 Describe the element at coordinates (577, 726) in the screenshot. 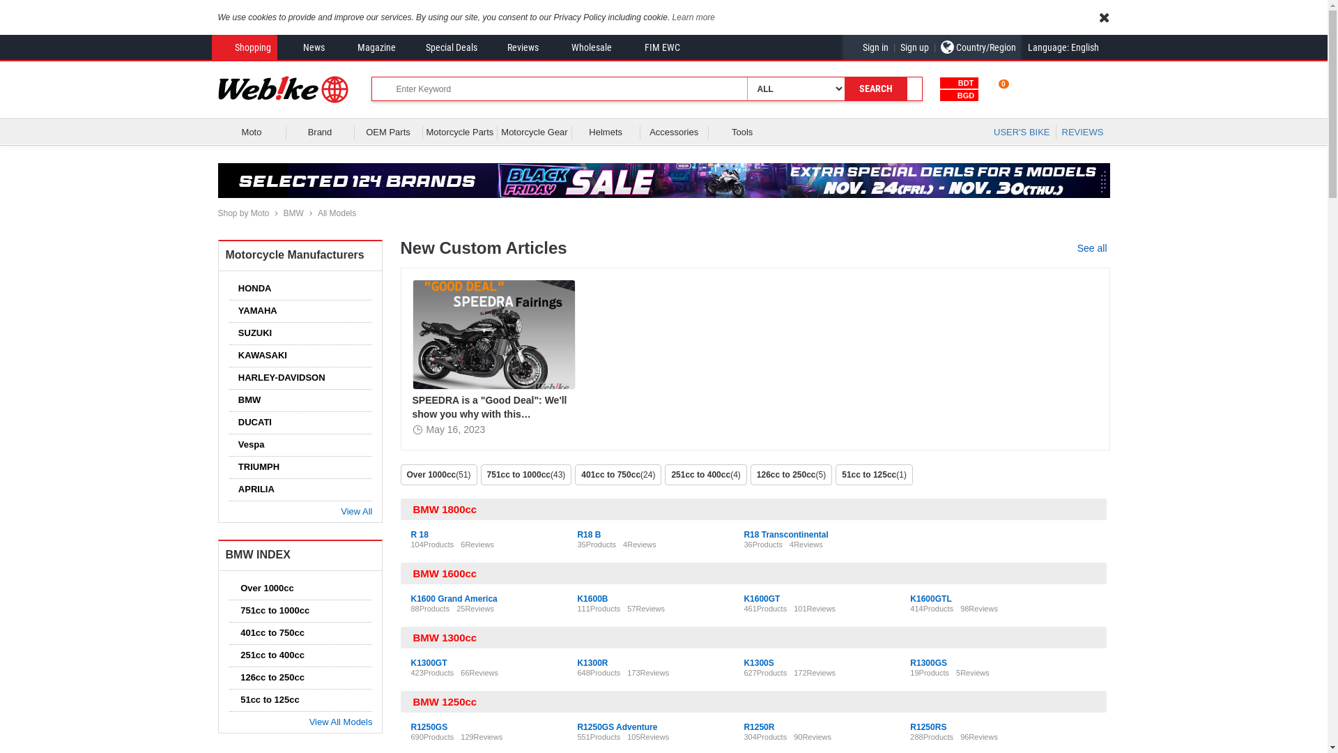

I see `'R1250GS Adventure'` at that location.